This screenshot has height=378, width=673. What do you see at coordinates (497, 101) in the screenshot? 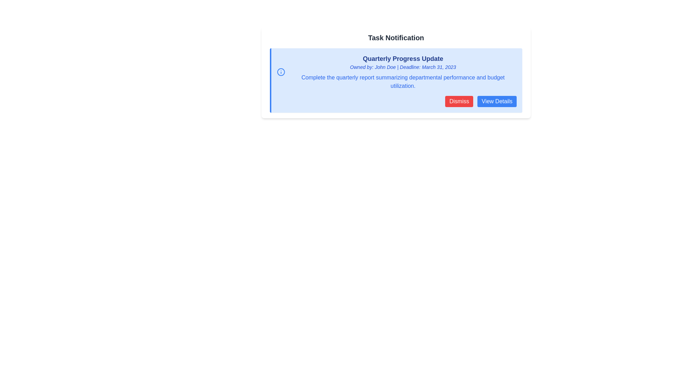
I see `the 'View Details' button, which has a blue background and white text, located at the bottom right of a light blue card, adjacent to the 'Dismiss' button` at bounding box center [497, 101].